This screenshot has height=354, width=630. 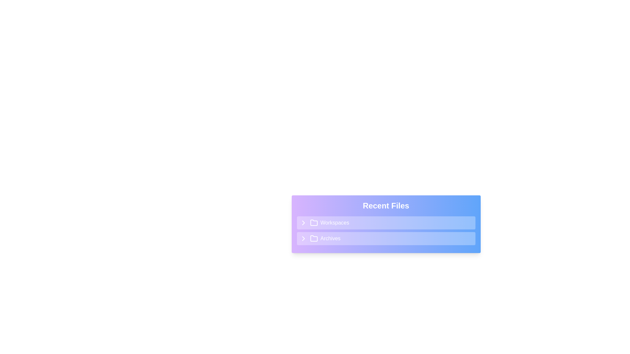 What do you see at coordinates (386, 222) in the screenshot?
I see `the file item Workspaces to expand it` at bounding box center [386, 222].